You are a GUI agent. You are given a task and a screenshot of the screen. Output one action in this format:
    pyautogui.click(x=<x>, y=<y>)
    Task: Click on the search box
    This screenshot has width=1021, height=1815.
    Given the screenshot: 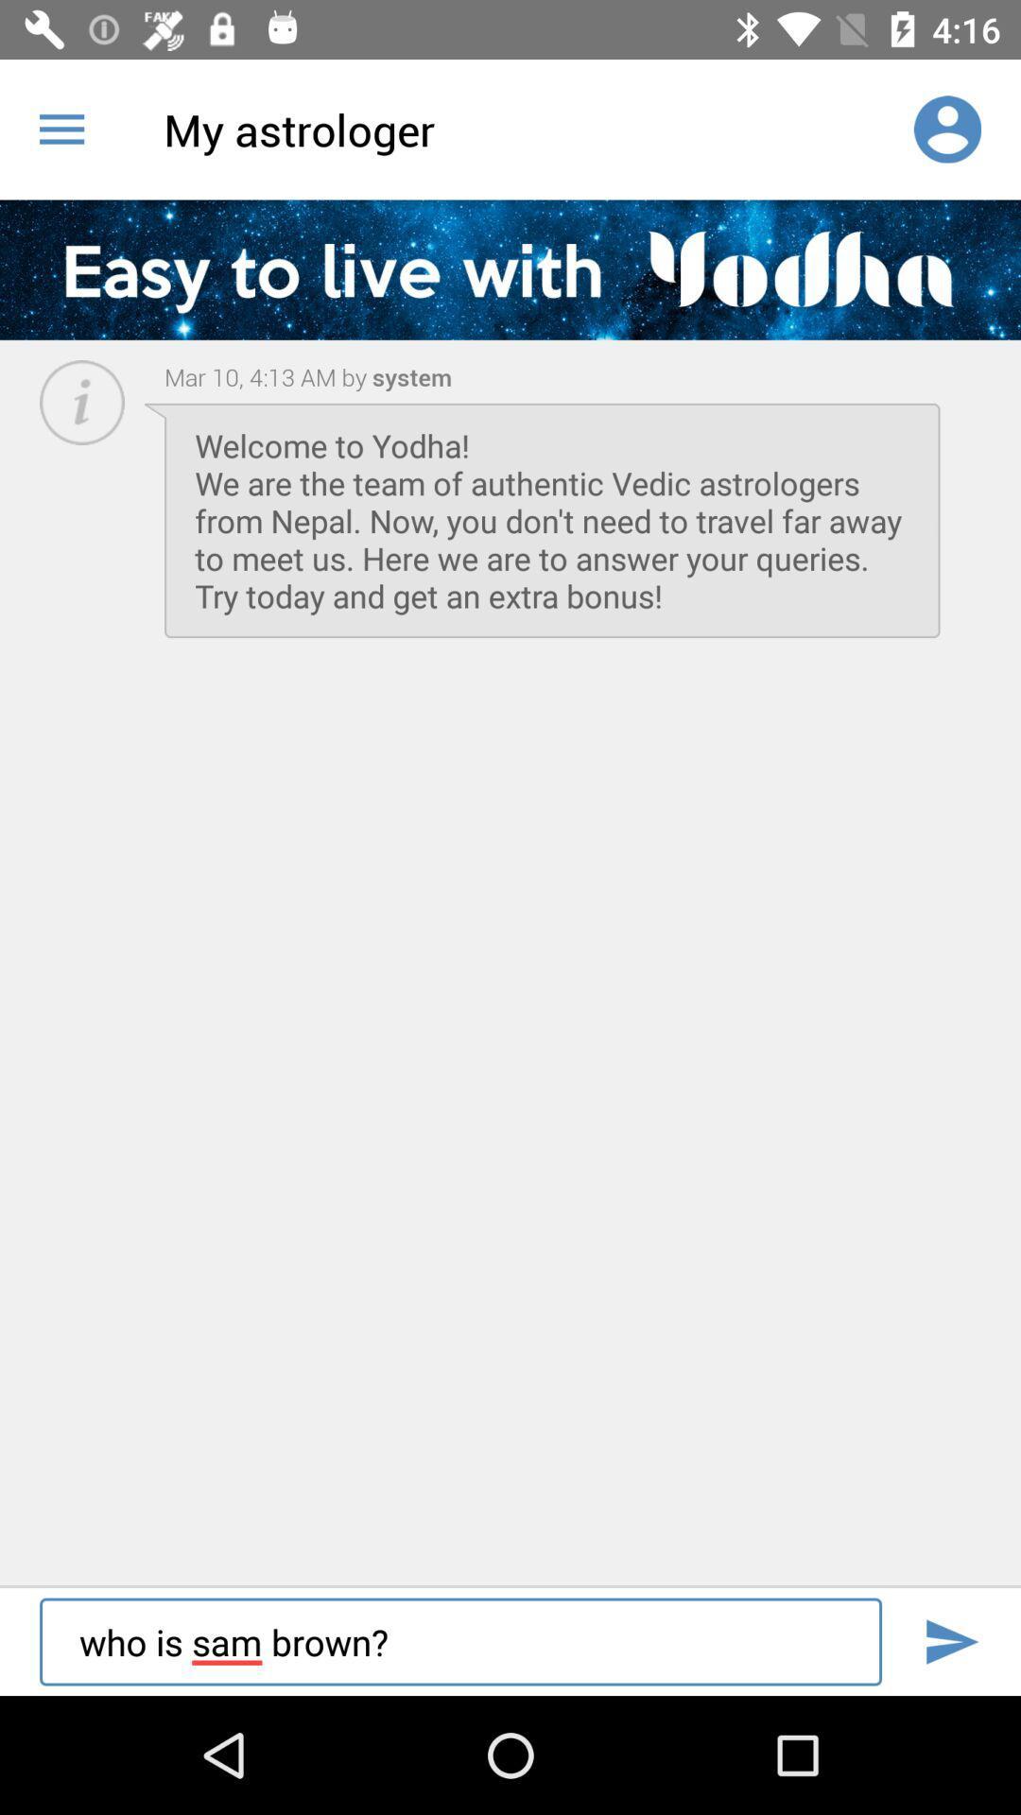 What is the action you would take?
    pyautogui.click(x=951, y=1641)
    